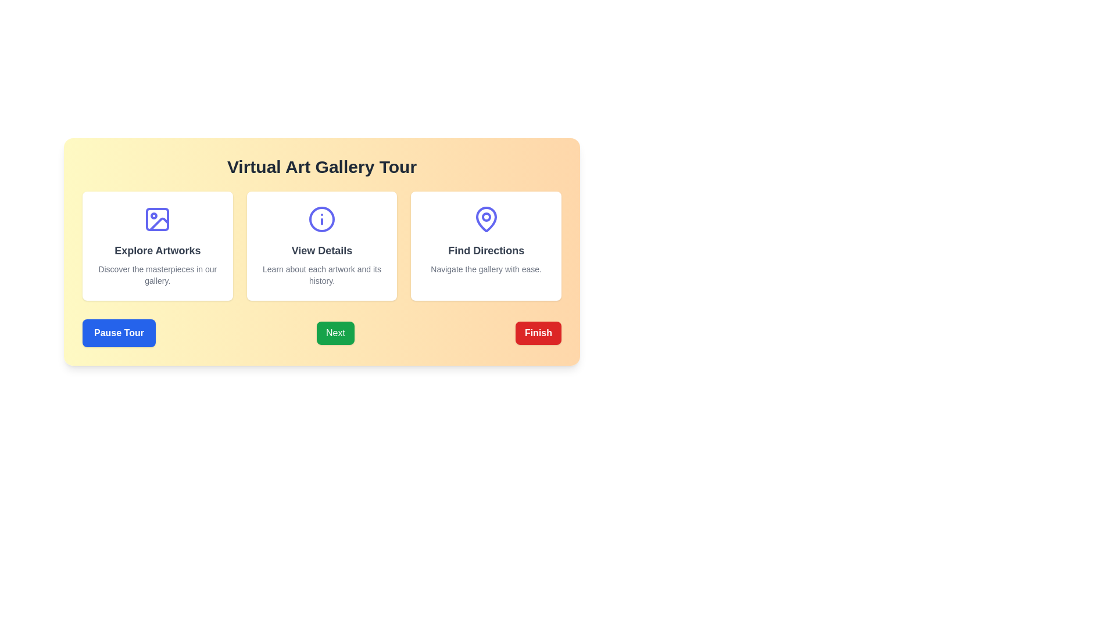 This screenshot has height=627, width=1116. Describe the element at coordinates (486, 219) in the screenshot. I see `the navigation icon located in the 'Find Directions' card within the 'Virtual Art Gallery Tour' section` at that location.